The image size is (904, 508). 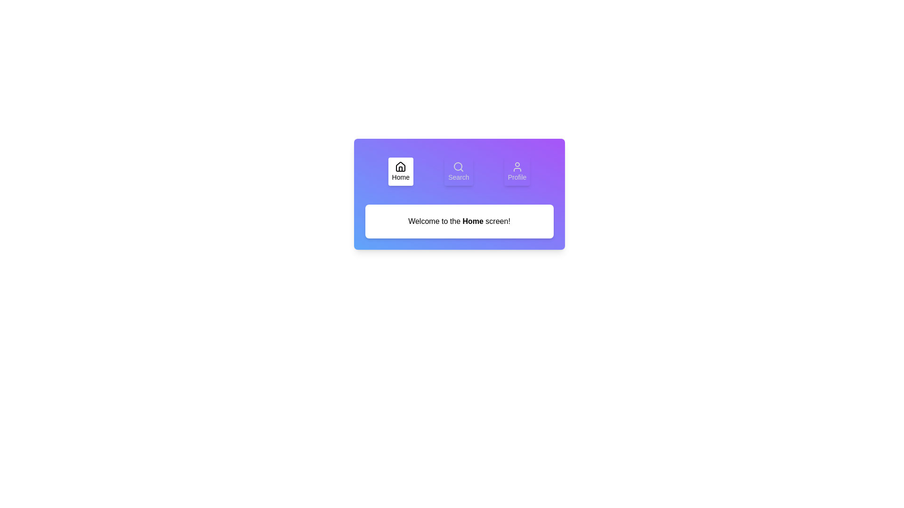 I want to click on the non-interactive graphical component at the center of the magnifying glass design used to depict the 'Search' functionality, located within the 'Search' button, so click(x=458, y=166).